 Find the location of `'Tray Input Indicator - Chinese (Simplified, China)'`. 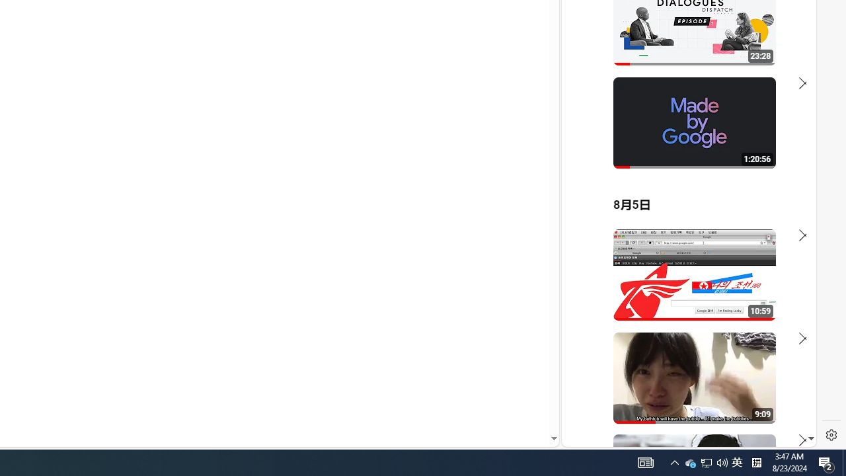

'Tray Input Indicator - Chinese (Simplified, China)' is located at coordinates (756, 461).